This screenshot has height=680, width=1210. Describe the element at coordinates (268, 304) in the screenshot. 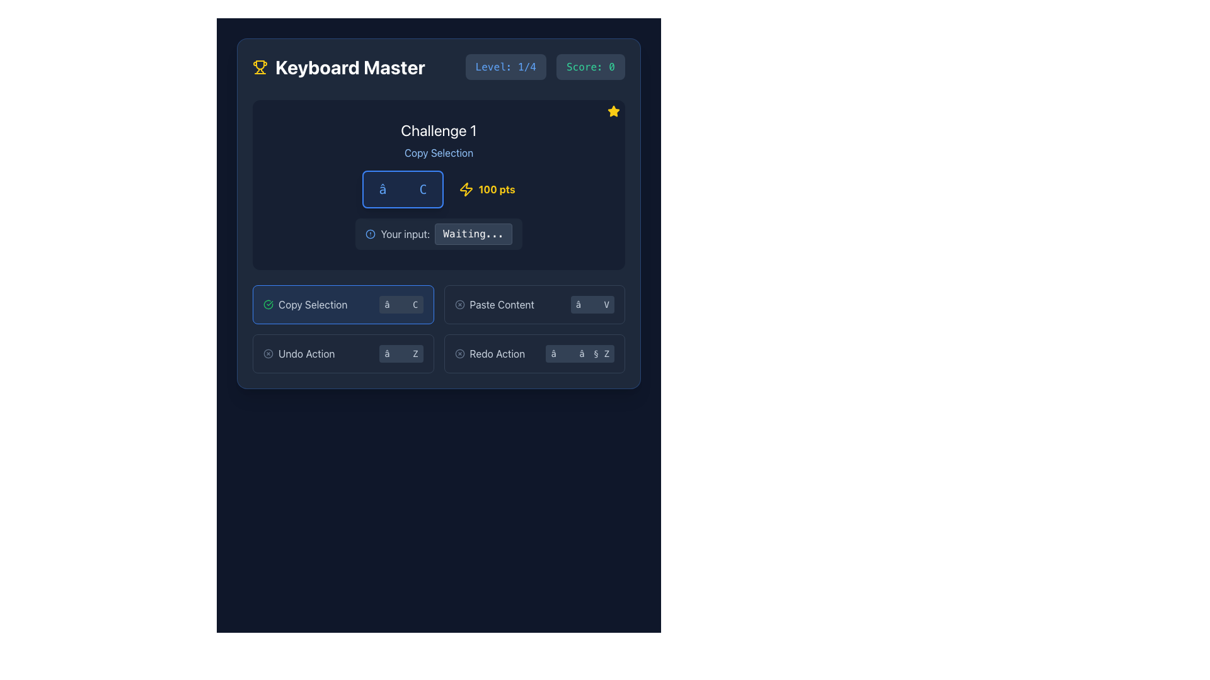

I see `the green-checked circular icon representing a successful action, located next to the text 'Copy Selection' in the top-left portion of the grouped buttons section` at that location.